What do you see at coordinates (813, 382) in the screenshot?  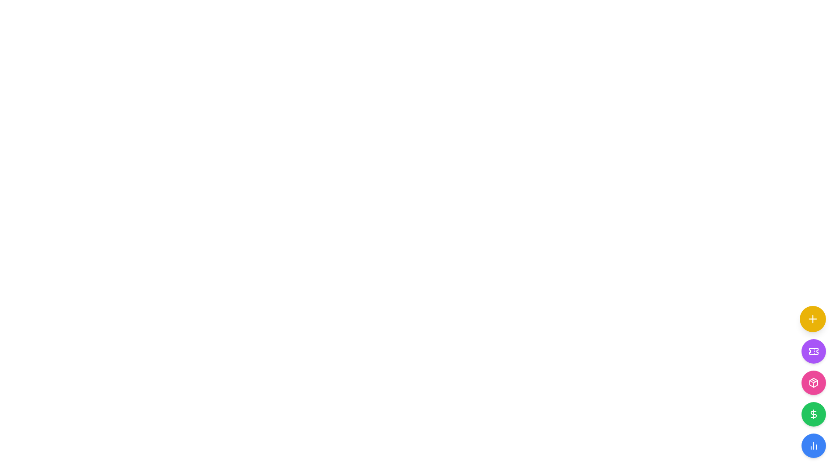 I see `the 'Orders' button, which is the third button in a vertical stack of circular buttons located towards the far right of the interface, to change its appearance` at bounding box center [813, 382].